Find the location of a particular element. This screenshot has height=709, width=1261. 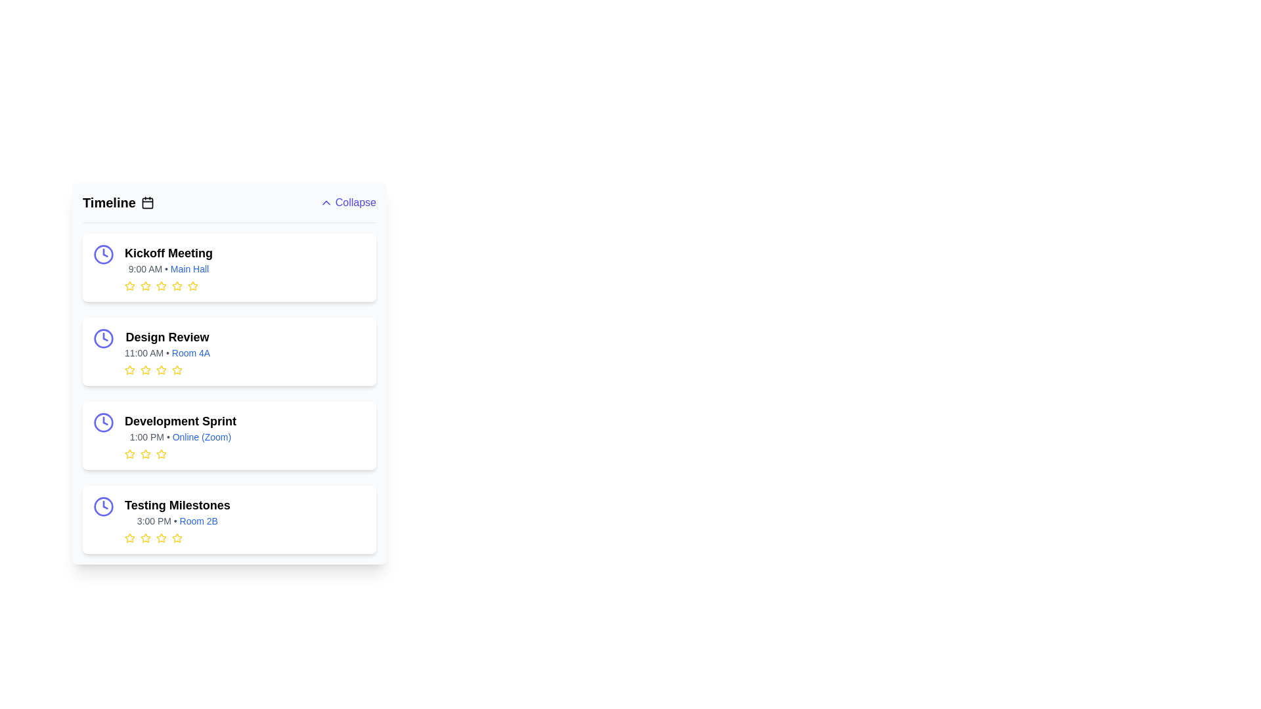

the title text element located in the upper part of the first event card in the timeline, which serves as a key identifier for the event is located at coordinates (168, 253).